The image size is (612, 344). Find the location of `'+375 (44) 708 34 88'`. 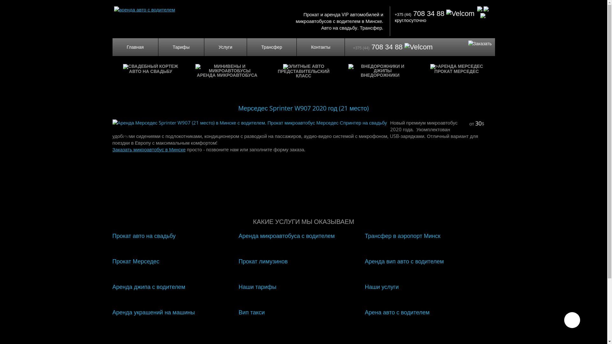

'+375 (44) 708 34 88' is located at coordinates (434, 13).